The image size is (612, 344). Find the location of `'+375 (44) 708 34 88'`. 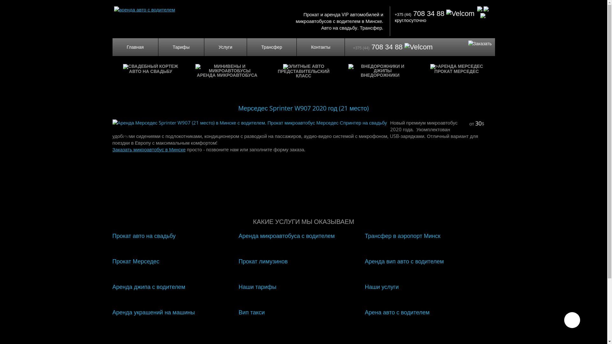

'+375 (44) 708 34 88' is located at coordinates (434, 13).